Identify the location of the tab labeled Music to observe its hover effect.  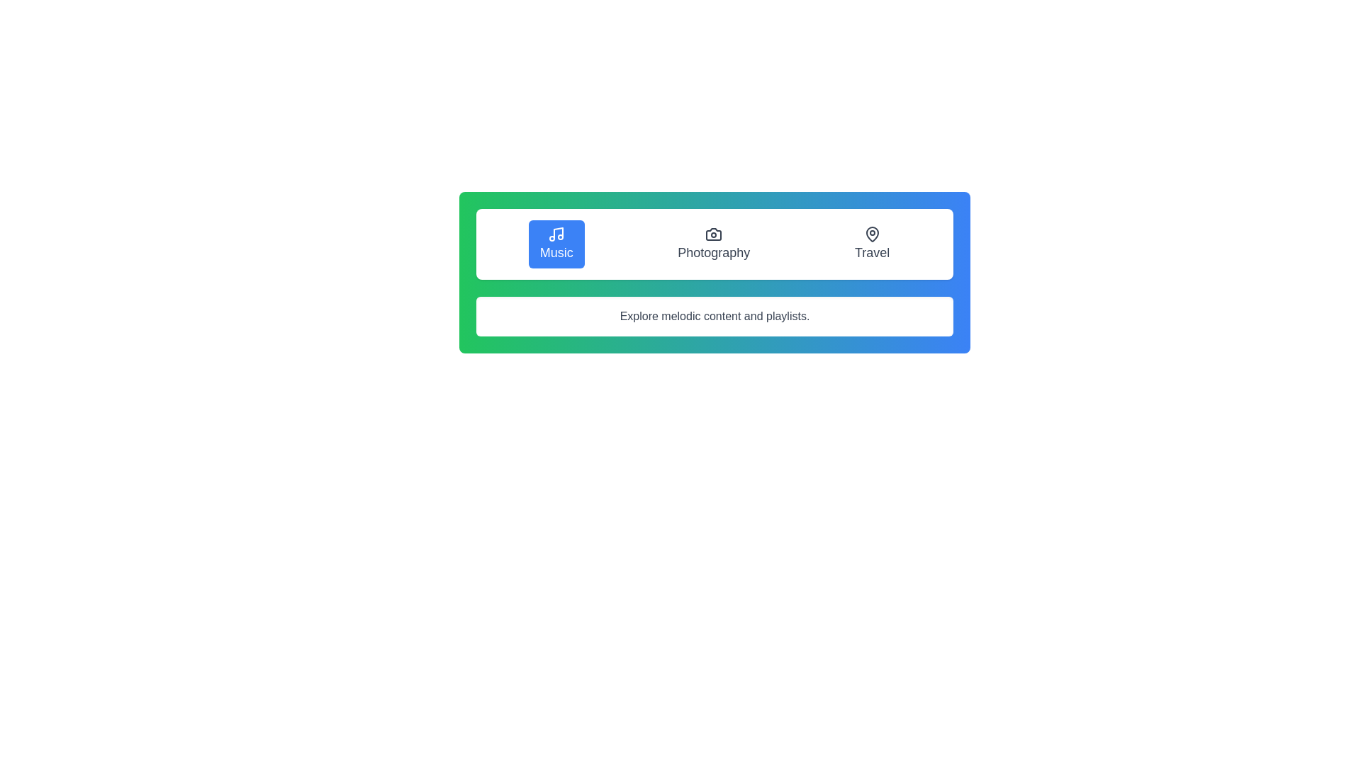
(556, 243).